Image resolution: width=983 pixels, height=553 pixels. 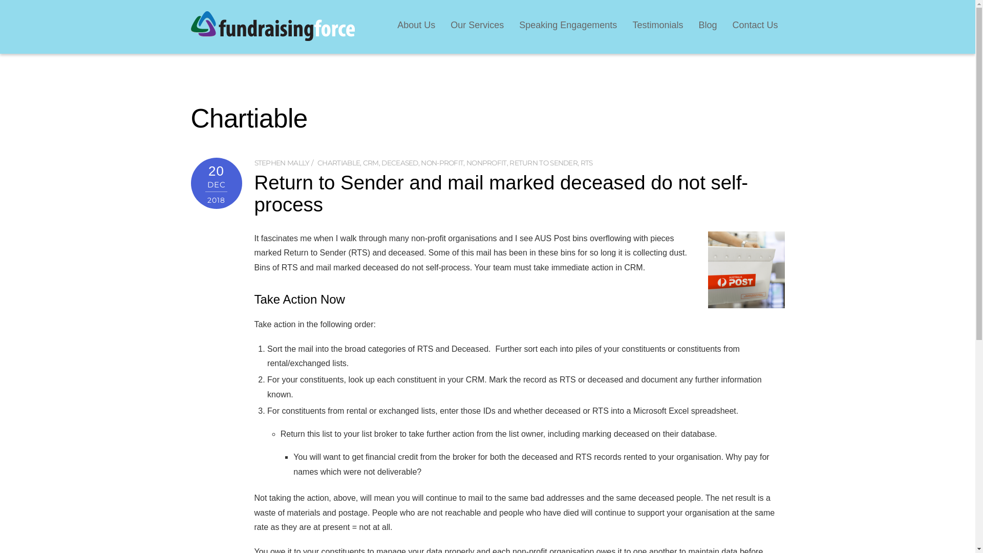 What do you see at coordinates (657, 23) in the screenshot?
I see `'Testimonials'` at bounding box center [657, 23].